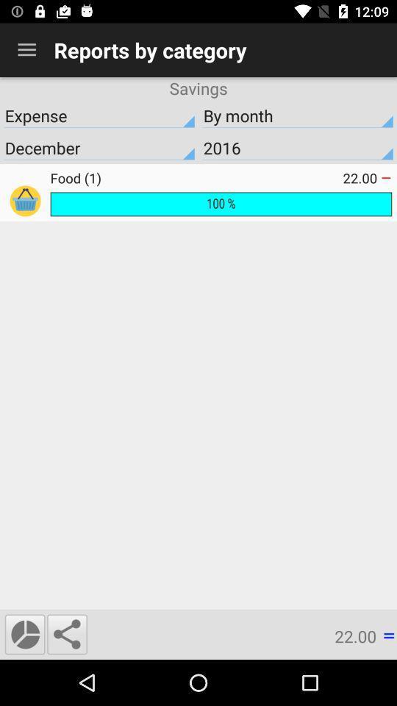 The height and width of the screenshot is (706, 397). What do you see at coordinates (26, 50) in the screenshot?
I see `the item above the savings item` at bounding box center [26, 50].